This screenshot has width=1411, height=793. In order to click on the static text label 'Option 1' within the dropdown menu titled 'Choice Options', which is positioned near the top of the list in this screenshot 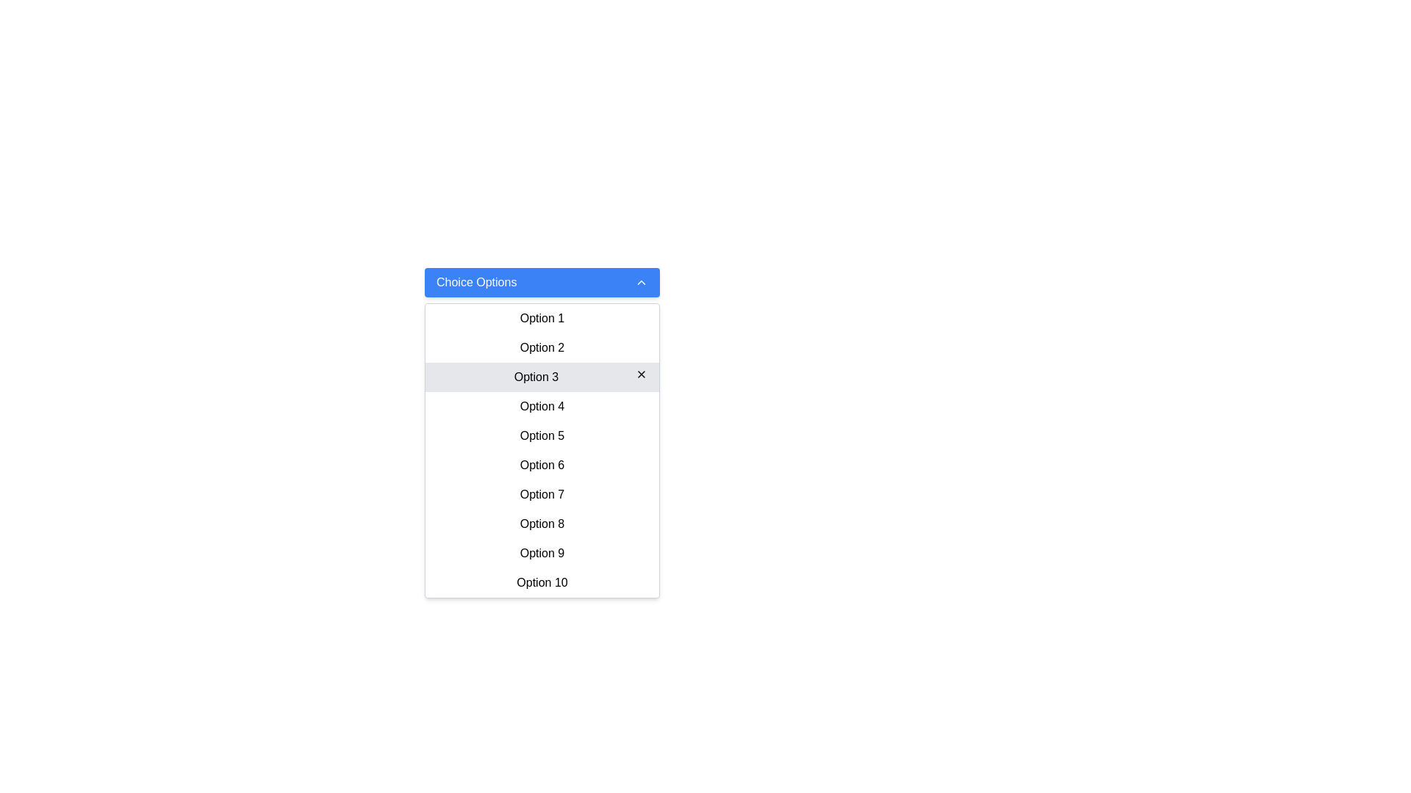, I will do `click(542, 317)`.